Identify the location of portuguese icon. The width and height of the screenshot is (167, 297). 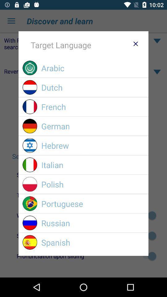
(92, 203).